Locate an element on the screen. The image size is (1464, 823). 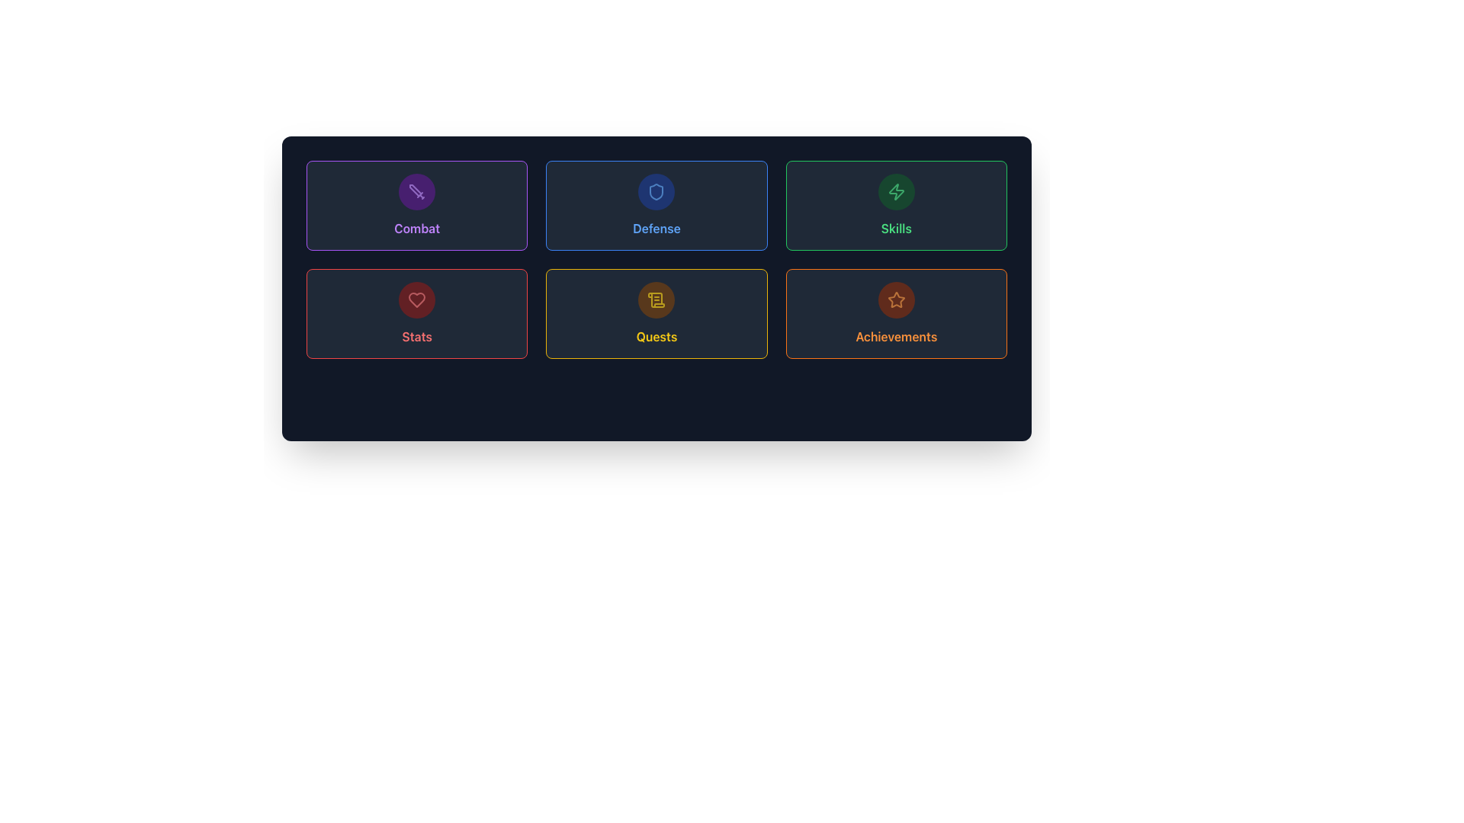
the 'Quests' icon located in the bottom row of the grid layout, positioned between 'Stats' and 'Achievements' is located at coordinates (657, 299).